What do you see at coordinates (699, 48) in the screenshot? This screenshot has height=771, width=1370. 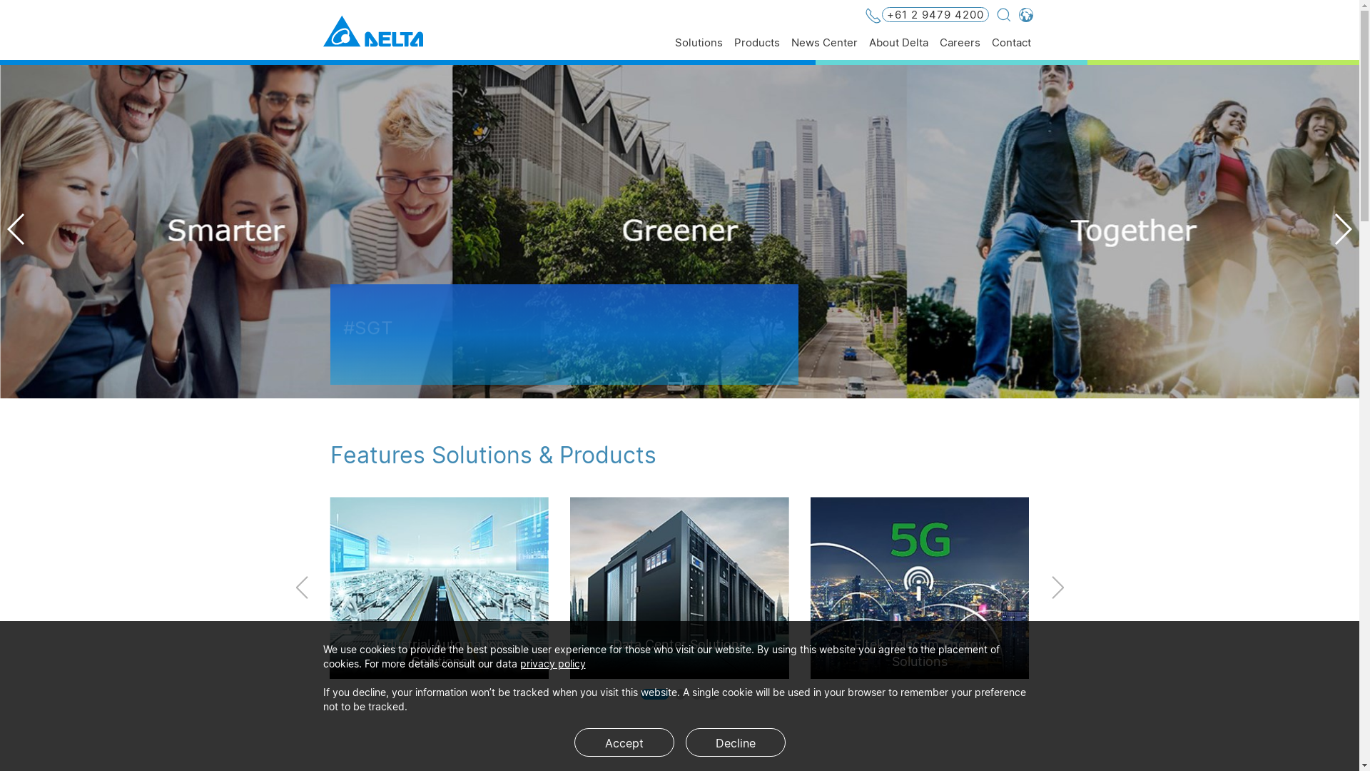 I see `'Solutions'` at bounding box center [699, 48].